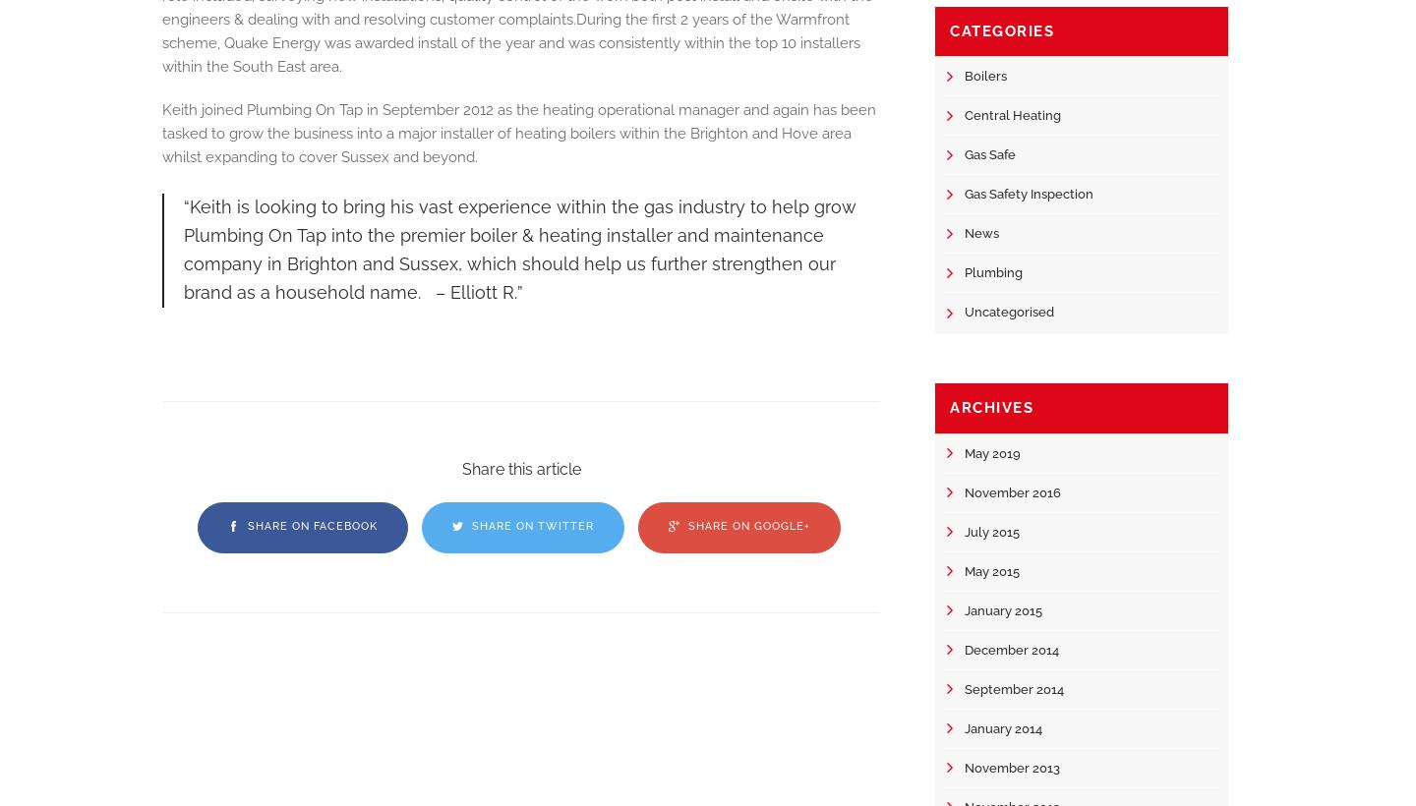 The width and height of the screenshot is (1416, 806). What do you see at coordinates (1012, 648) in the screenshot?
I see `'December 2014'` at bounding box center [1012, 648].